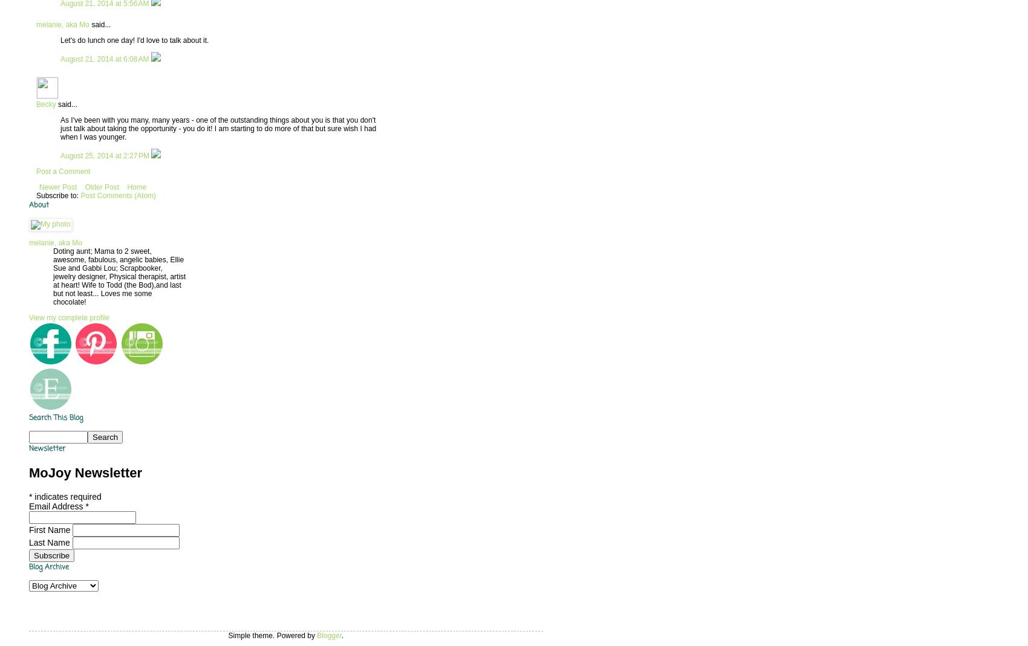 Image resolution: width=1028 pixels, height=646 pixels. What do you see at coordinates (58, 186) in the screenshot?
I see `'Newer Post'` at bounding box center [58, 186].